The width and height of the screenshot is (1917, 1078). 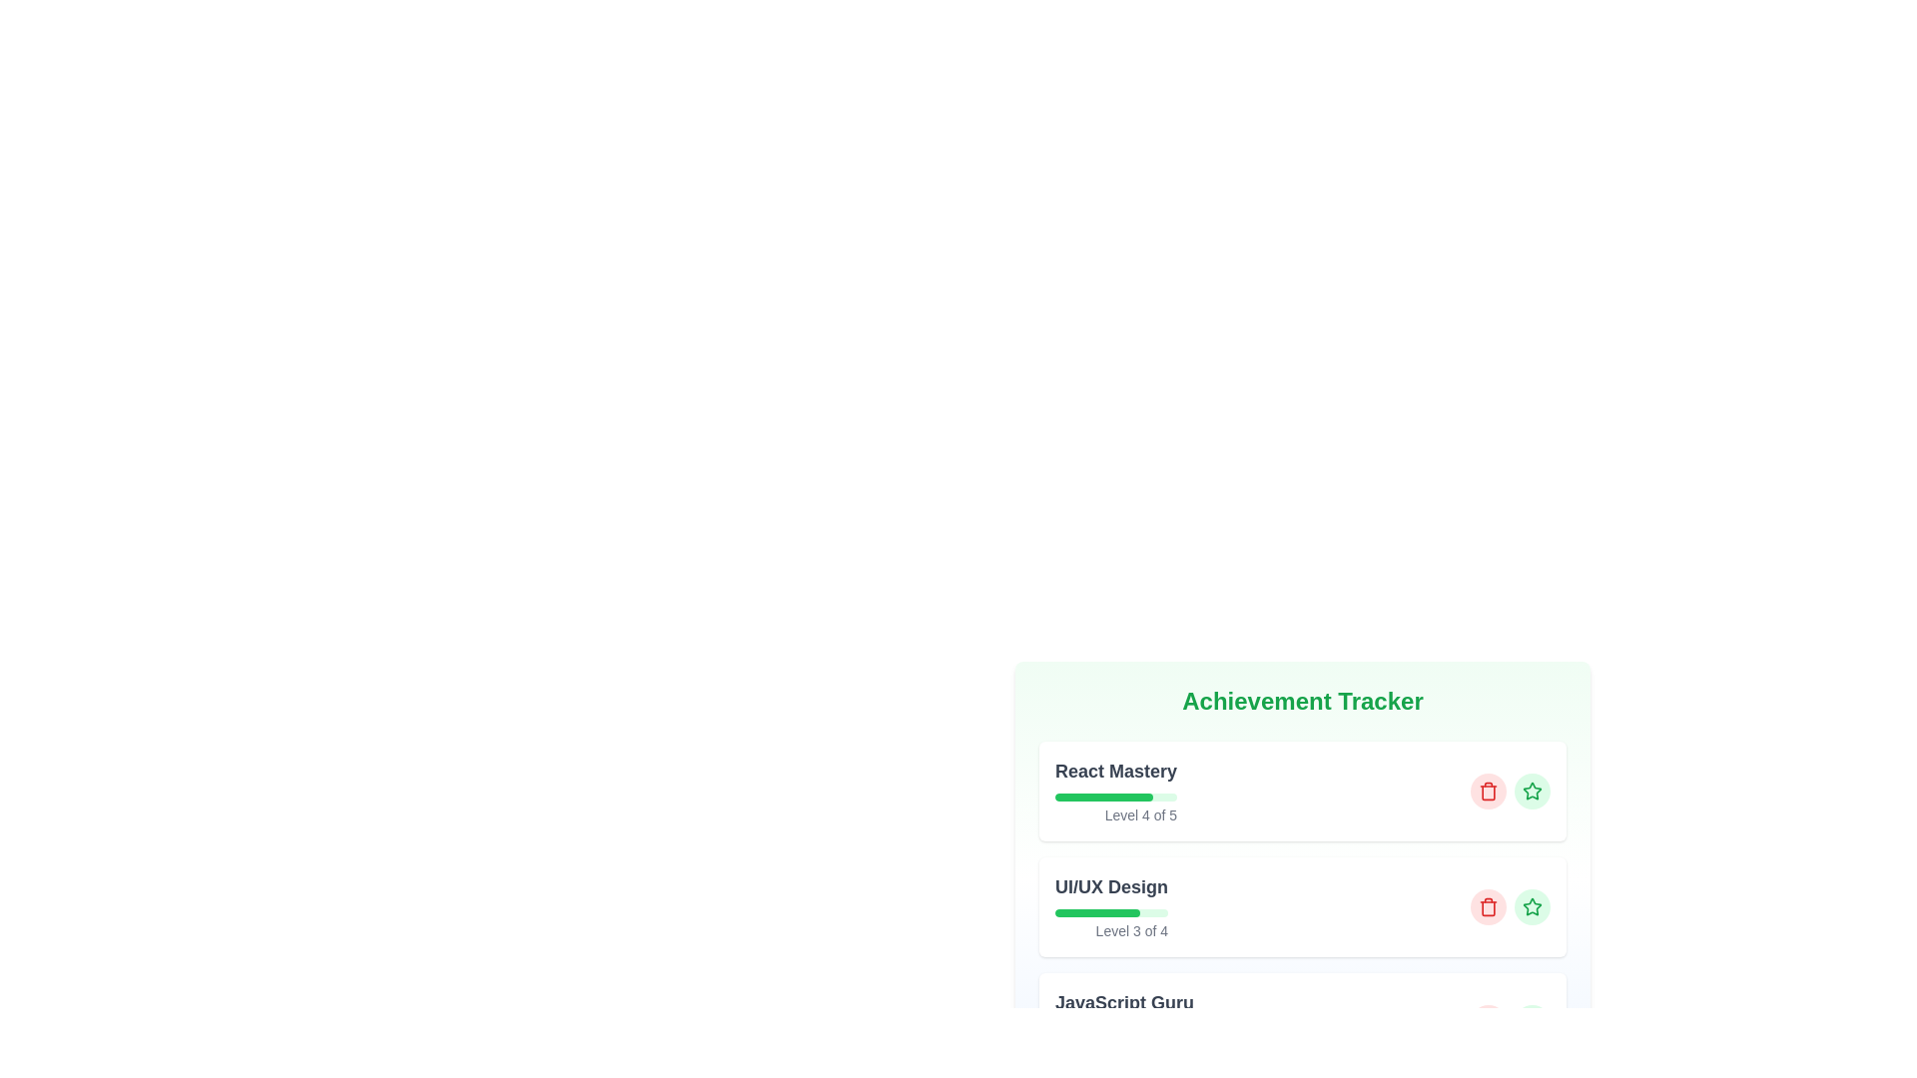 I want to click on the Text Label that serves as a title for a skill or status level in the progress tracking interface, located above the green progress bar and below the 'Achievement Tracker' section header, so click(x=1124, y=1003).